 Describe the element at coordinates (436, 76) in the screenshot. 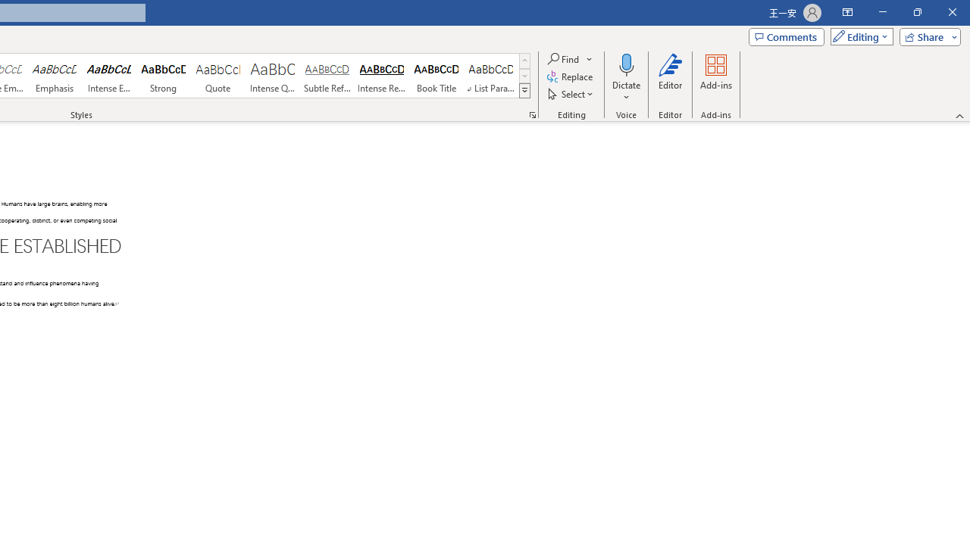

I see `'Book Title'` at that location.